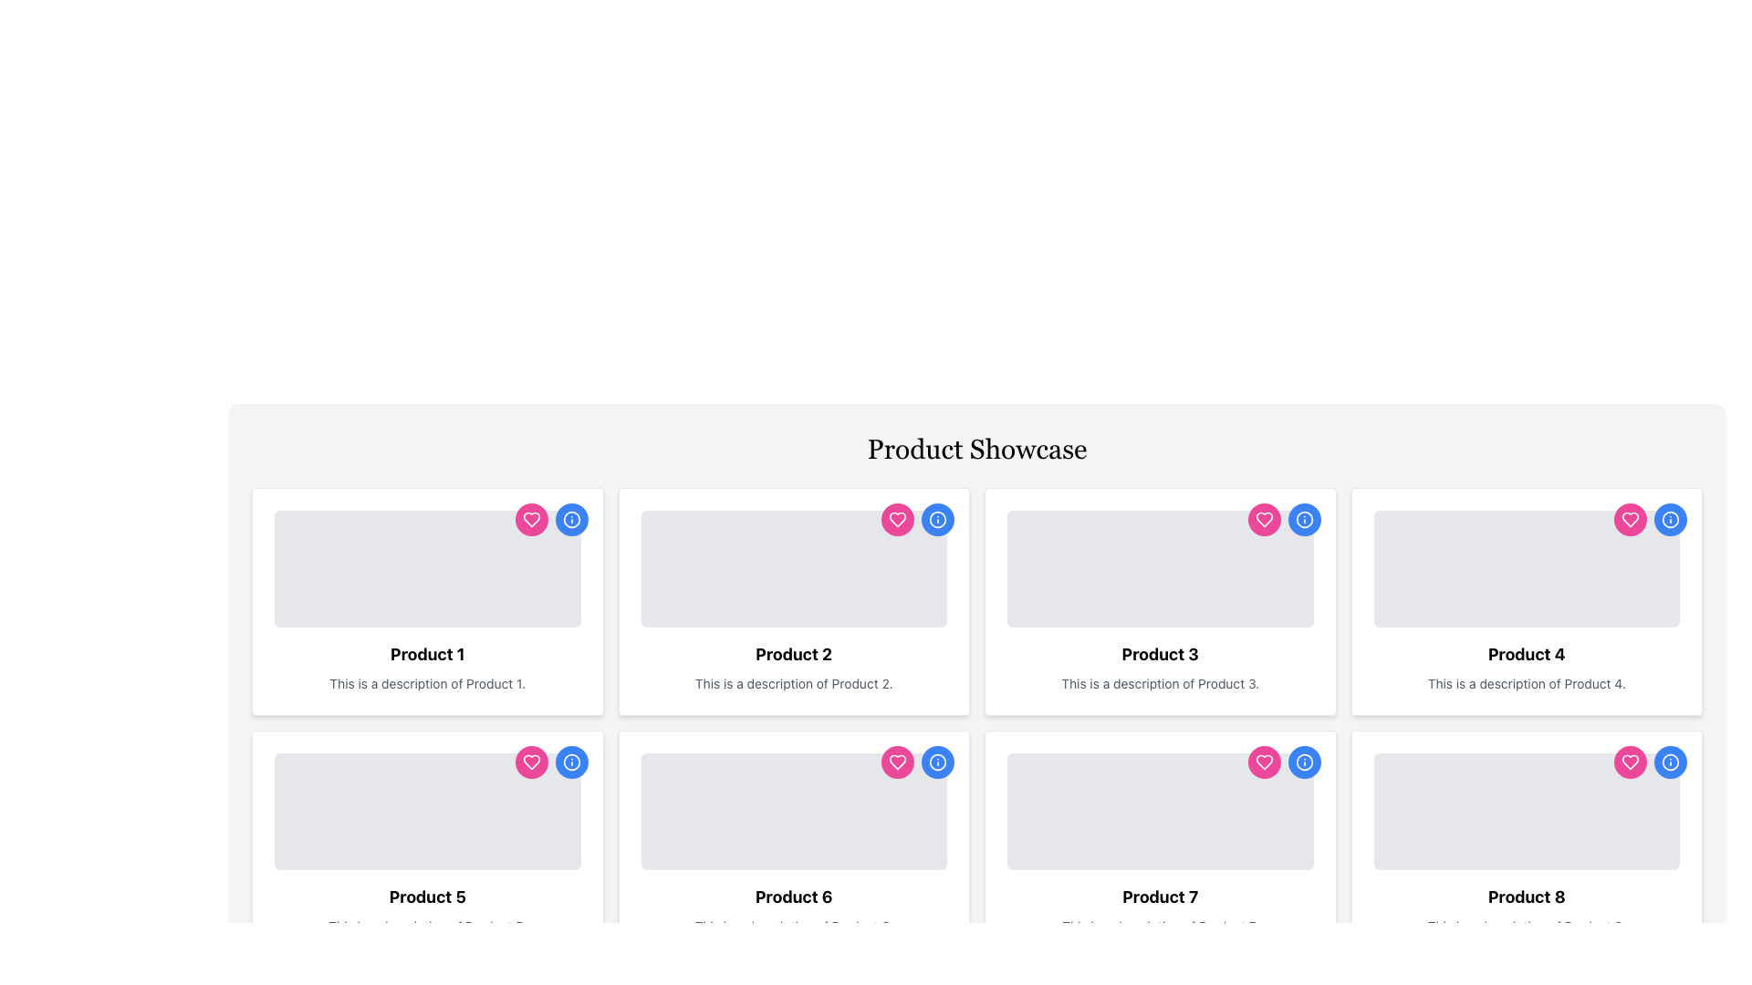  I want to click on the circle element outlined with the current color, located in the upper-right corner of the card labeled 'Product 2', so click(937, 520).